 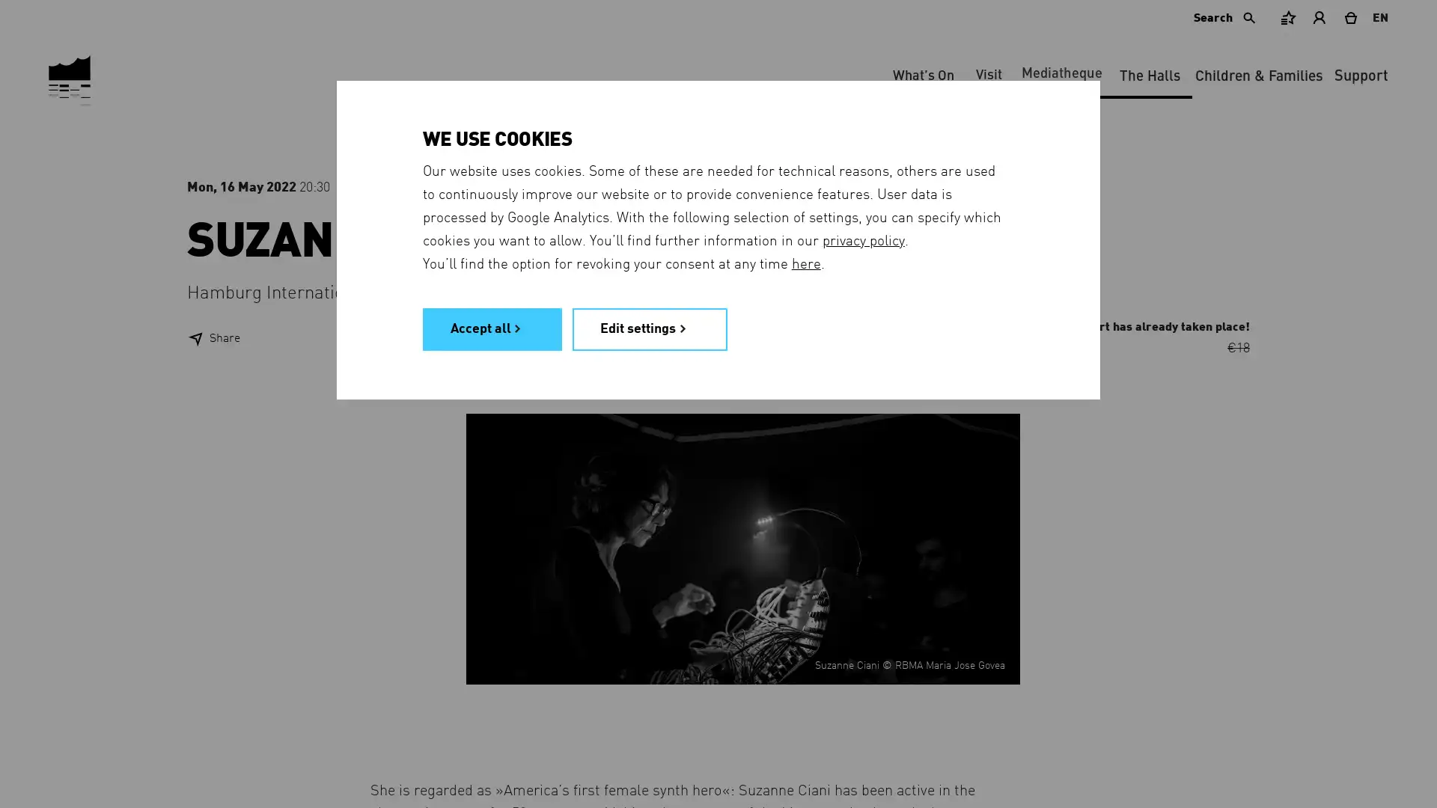 I want to click on Accept all, so click(x=492, y=328).